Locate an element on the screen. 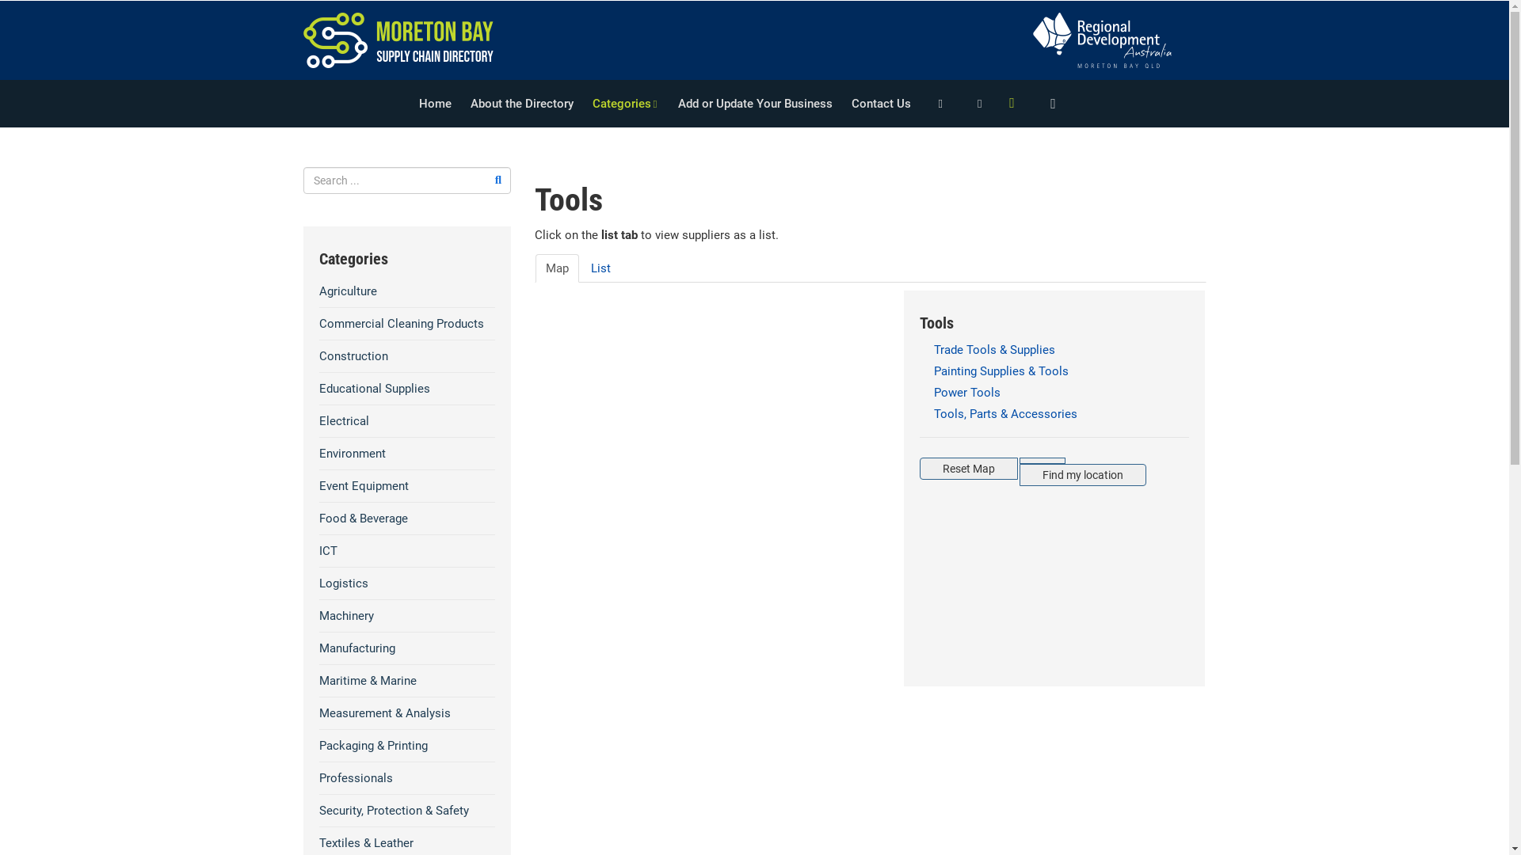  'Educational Supplies' is located at coordinates (406, 388).